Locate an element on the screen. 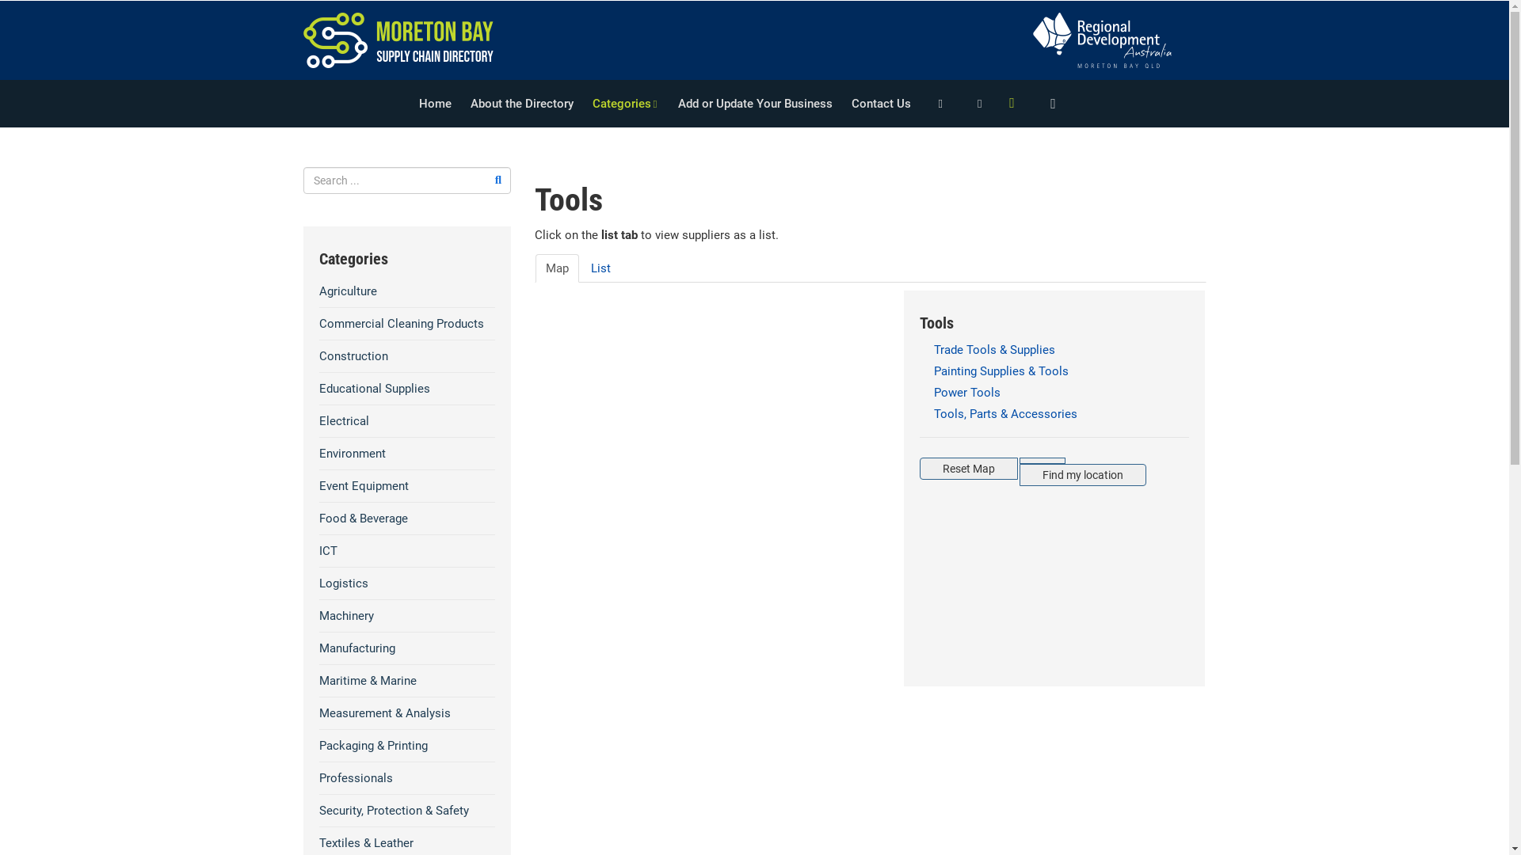  'Educational Supplies' is located at coordinates (406, 388).